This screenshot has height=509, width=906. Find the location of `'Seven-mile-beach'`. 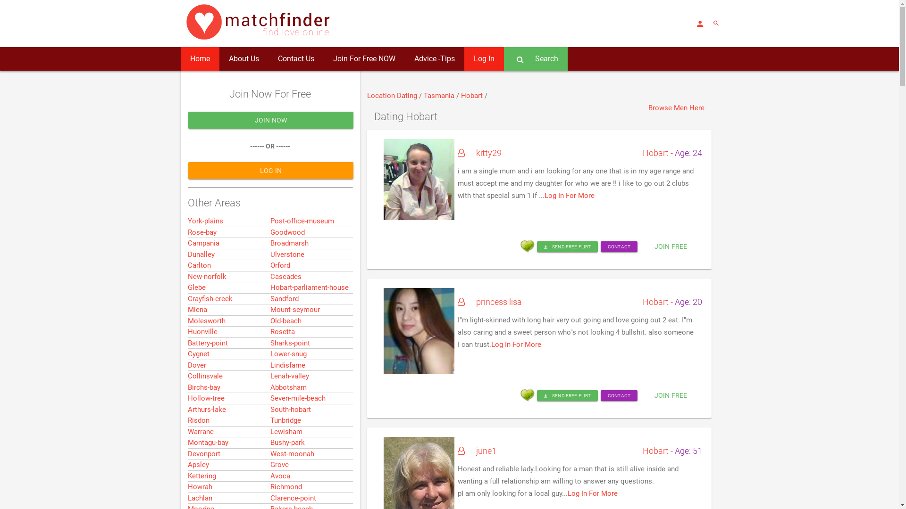

'Seven-mile-beach' is located at coordinates (297, 398).